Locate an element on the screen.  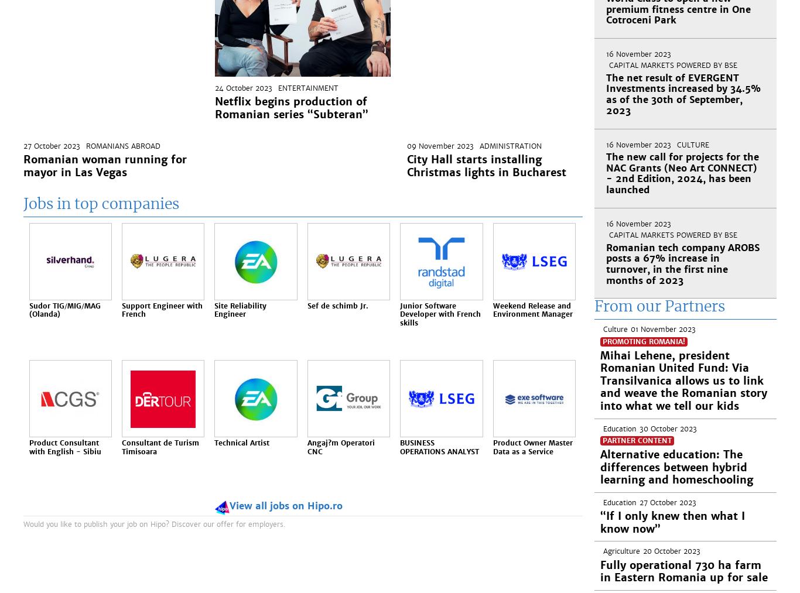
'The net result of EVERGENT Investments increased by 34.5% as of the 30th of September, 2023' is located at coordinates (605, 94).